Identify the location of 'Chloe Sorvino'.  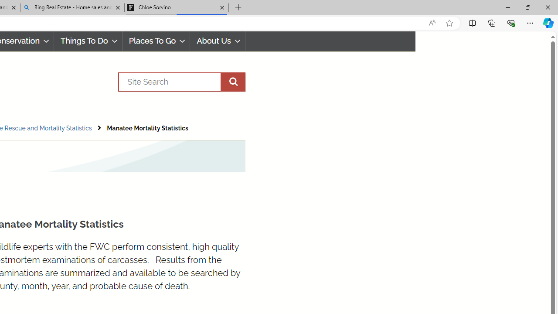
(176, 7).